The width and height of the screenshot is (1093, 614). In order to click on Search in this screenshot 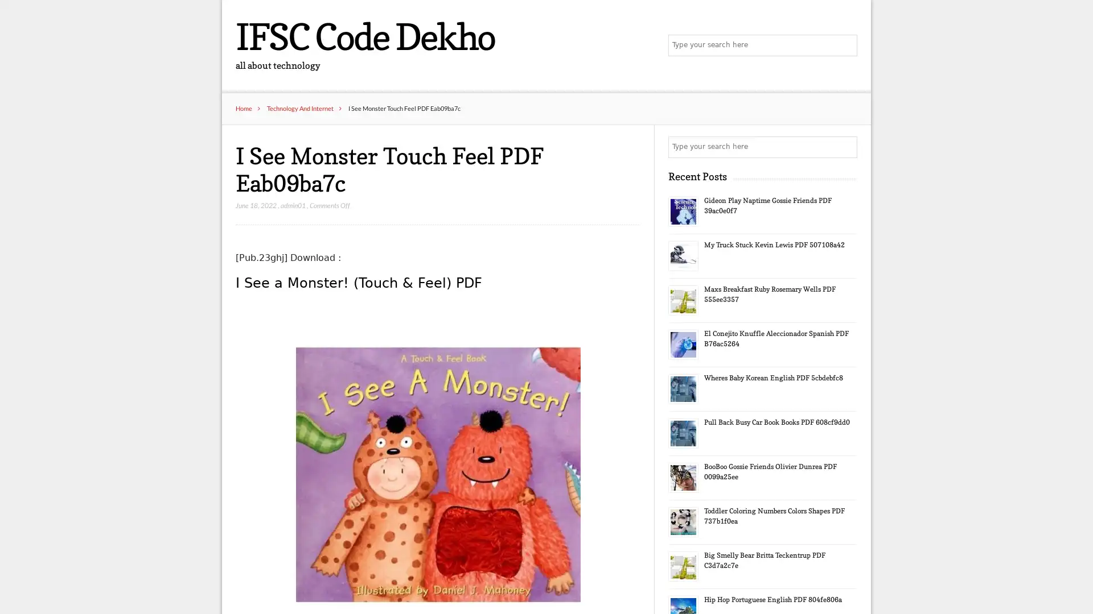, I will do `click(845, 147)`.